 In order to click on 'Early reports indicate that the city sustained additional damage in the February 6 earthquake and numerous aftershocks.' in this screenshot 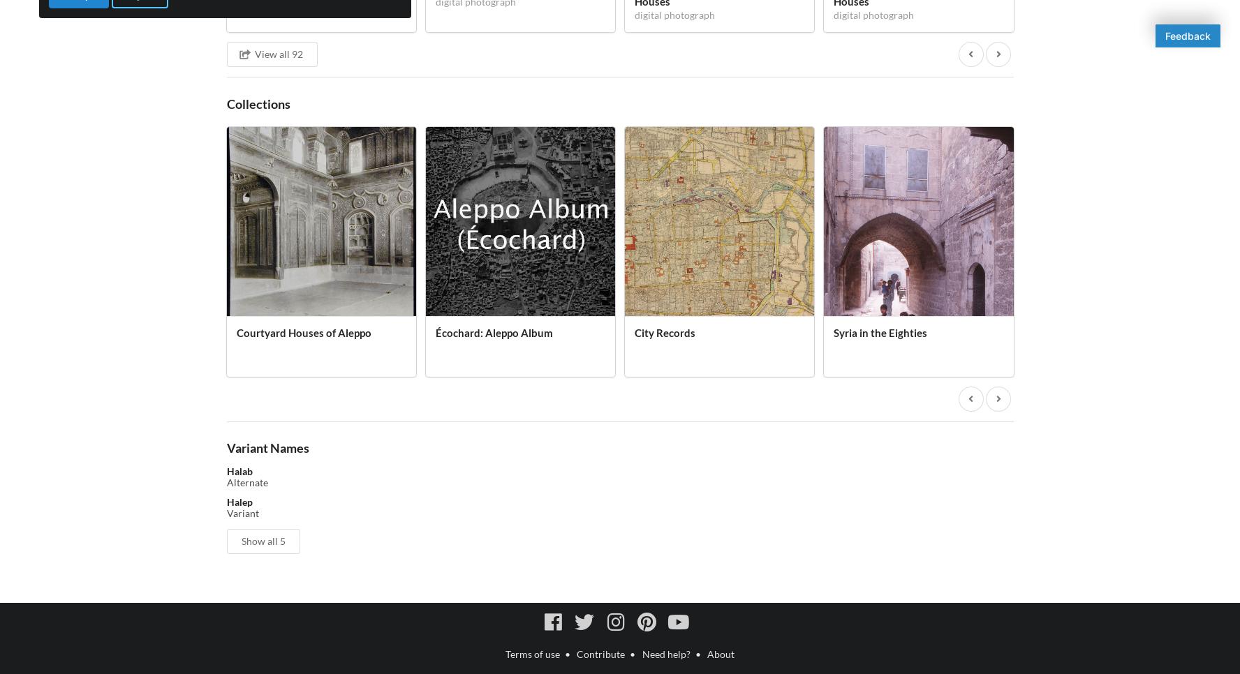, I will do `click(612, 444)`.